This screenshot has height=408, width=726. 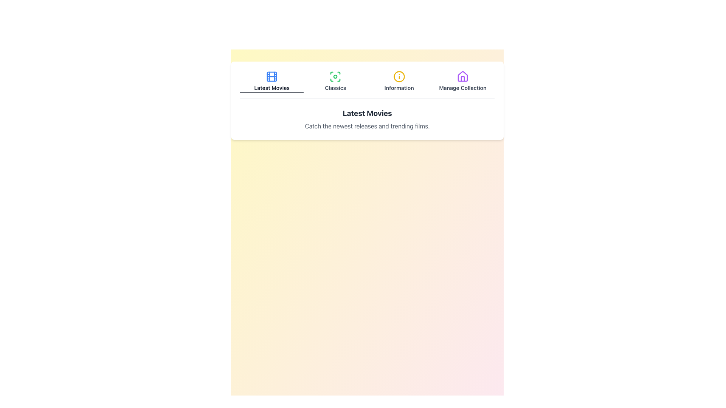 What do you see at coordinates (367, 126) in the screenshot?
I see `textual description element displaying 'Catch the newest releases and trending films' positioned beneath the title 'Latest Movies' for development or testing purposes` at bounding box center [367, 126].